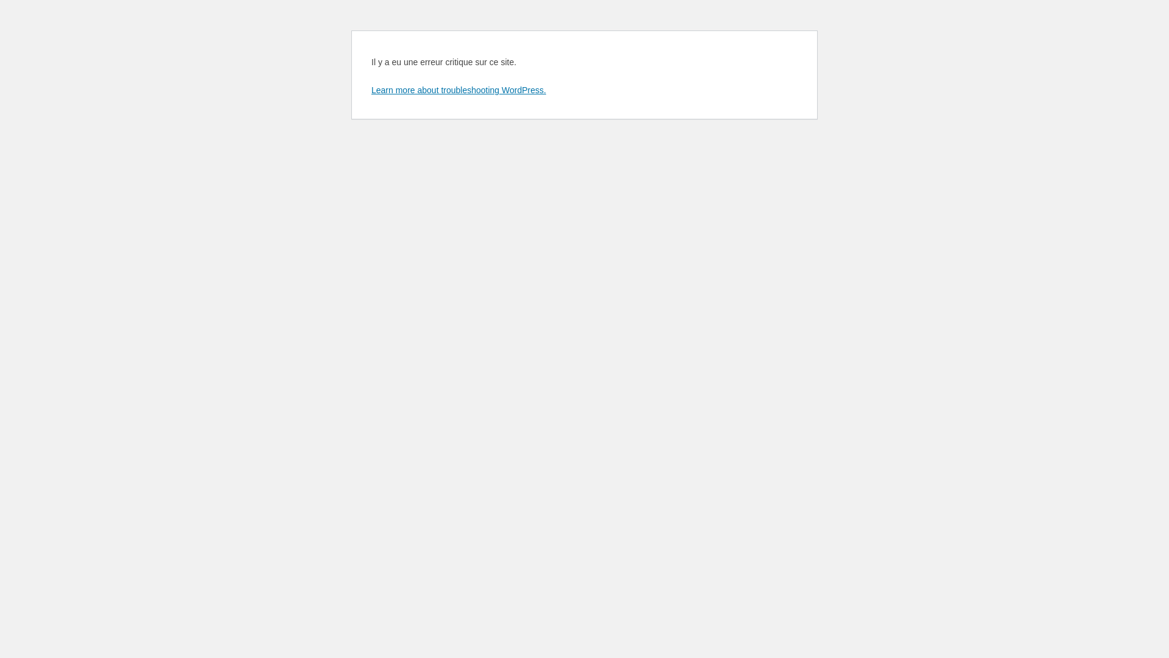  Describe the element at coordinates (458, 89) in the screenshot. I see `'Learn more about troubleshooting WordPress.'` at that location.